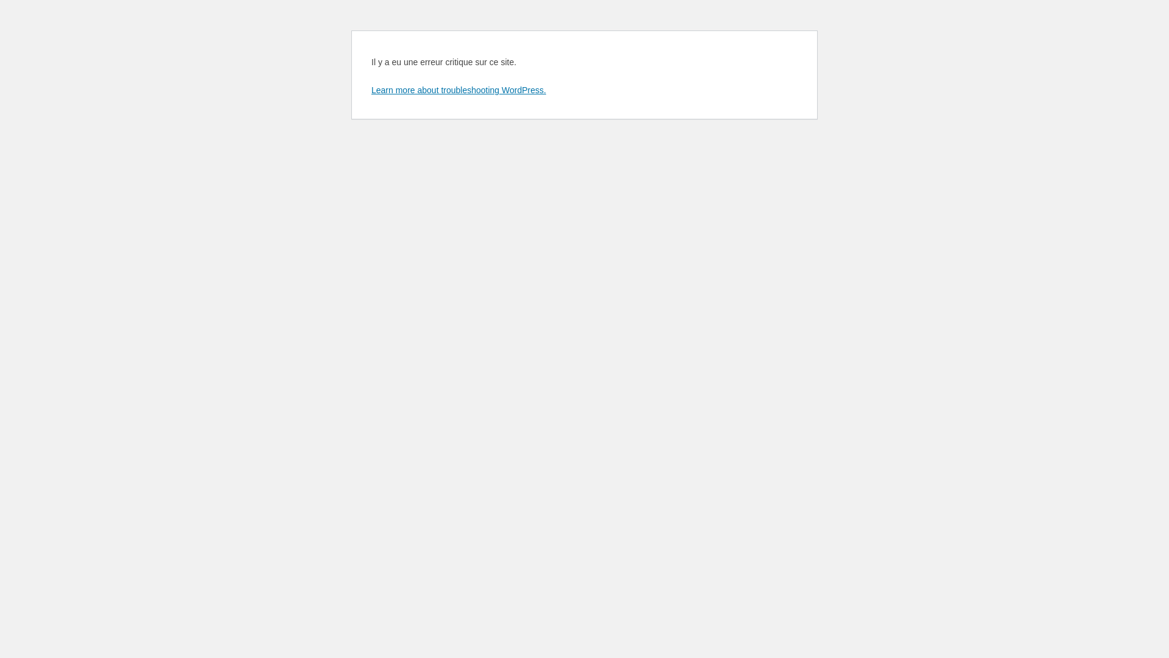  Describe the element at coordinates (458, 89) in the screenshot. I see `'Learn more about troubleshooting WordPress.'` at that location.